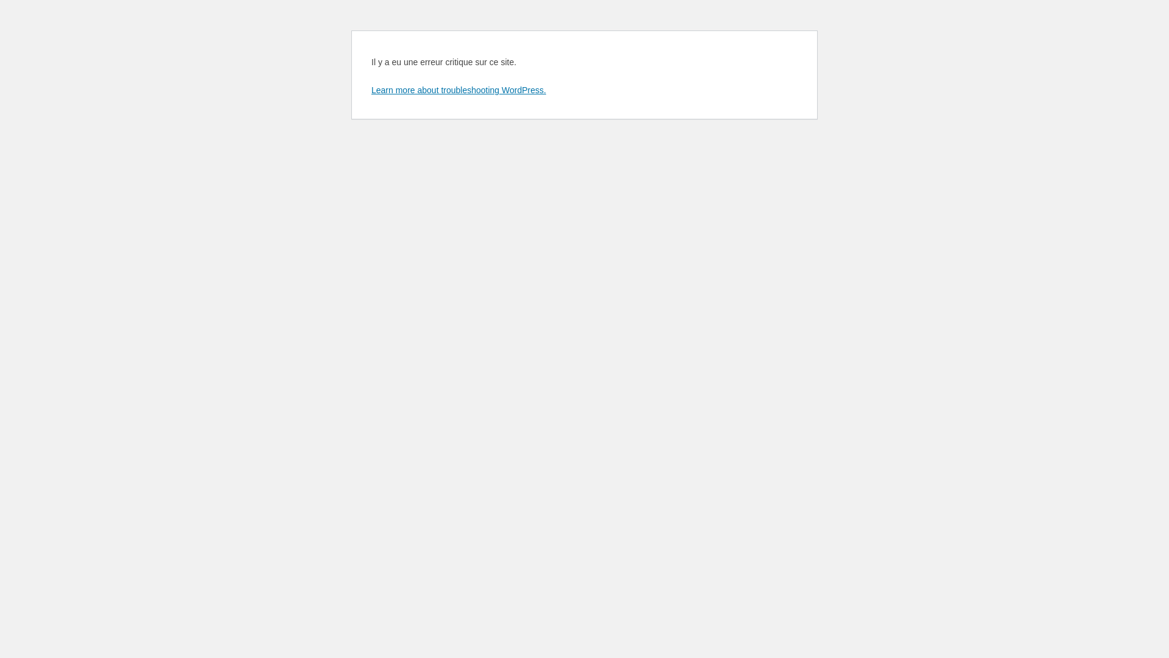  Describe the element at coordinates (458, 89) in the screenshot. I see `'Learn more about troubleshooting WordPress.'` at that location.